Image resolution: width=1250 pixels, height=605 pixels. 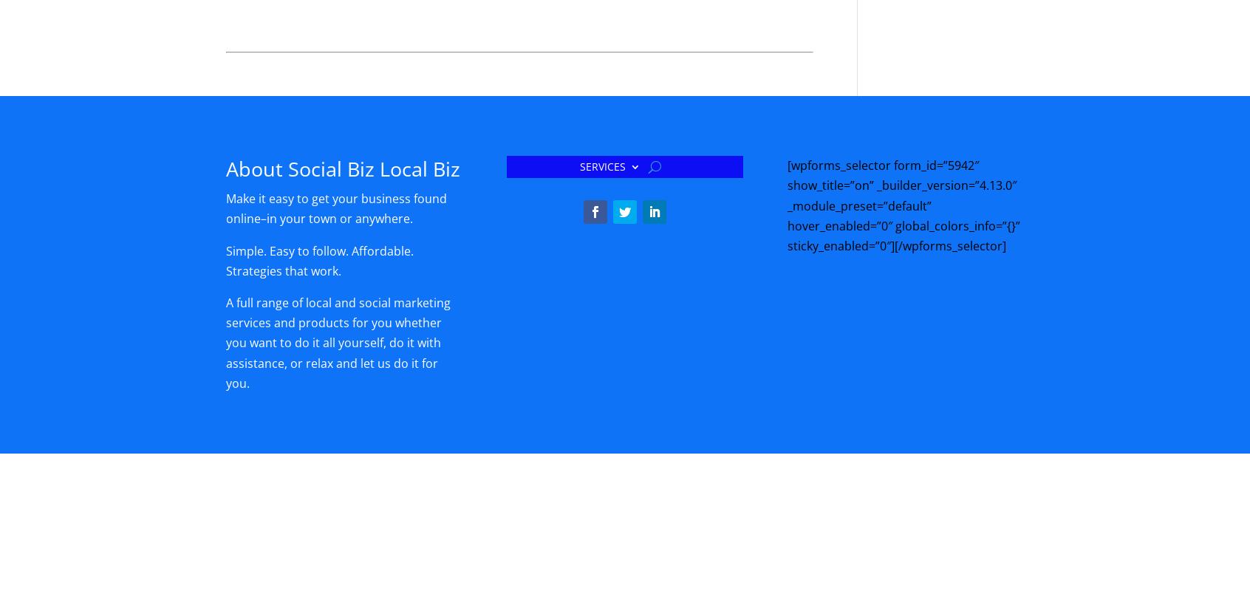 What do you see at coordinates (225, 168) in the screenshot?
I see `'About Social Biz Local Biz'` at bounding box center [225, 168].